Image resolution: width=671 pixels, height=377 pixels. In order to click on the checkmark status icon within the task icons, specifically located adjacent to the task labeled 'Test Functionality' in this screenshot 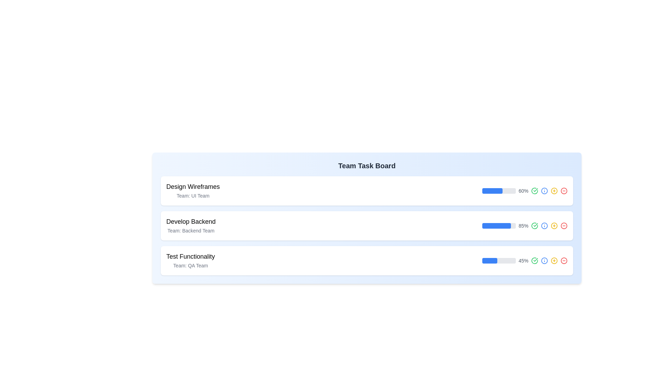, I will do `click(534, 261)`.